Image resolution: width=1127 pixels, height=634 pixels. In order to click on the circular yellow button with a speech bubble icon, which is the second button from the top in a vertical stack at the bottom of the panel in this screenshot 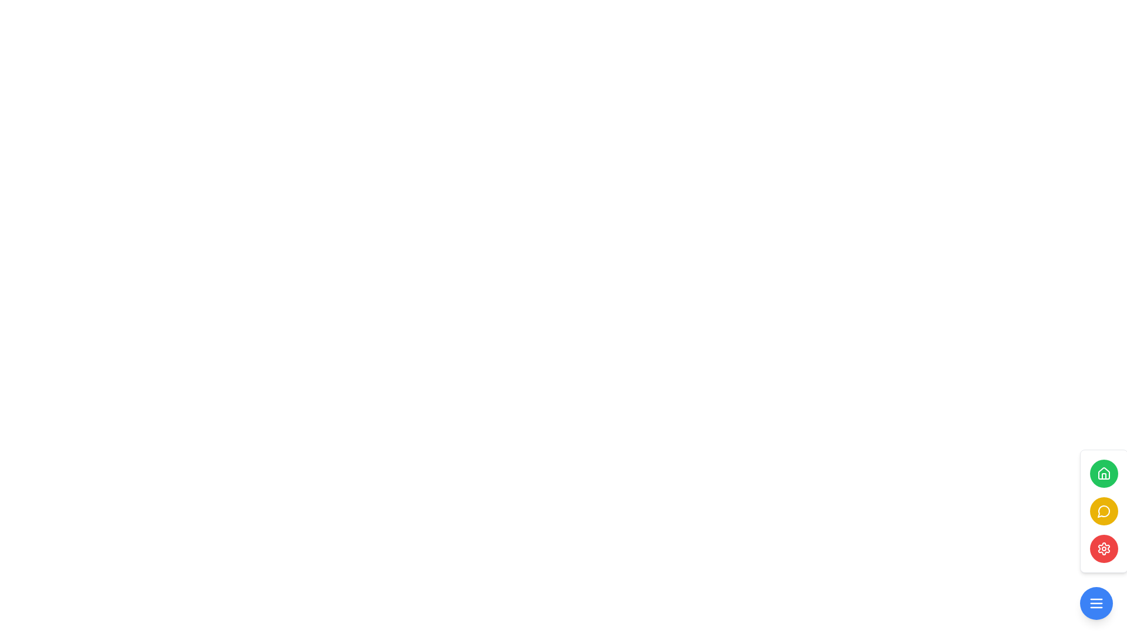, I will do `click(1104, 511)`.